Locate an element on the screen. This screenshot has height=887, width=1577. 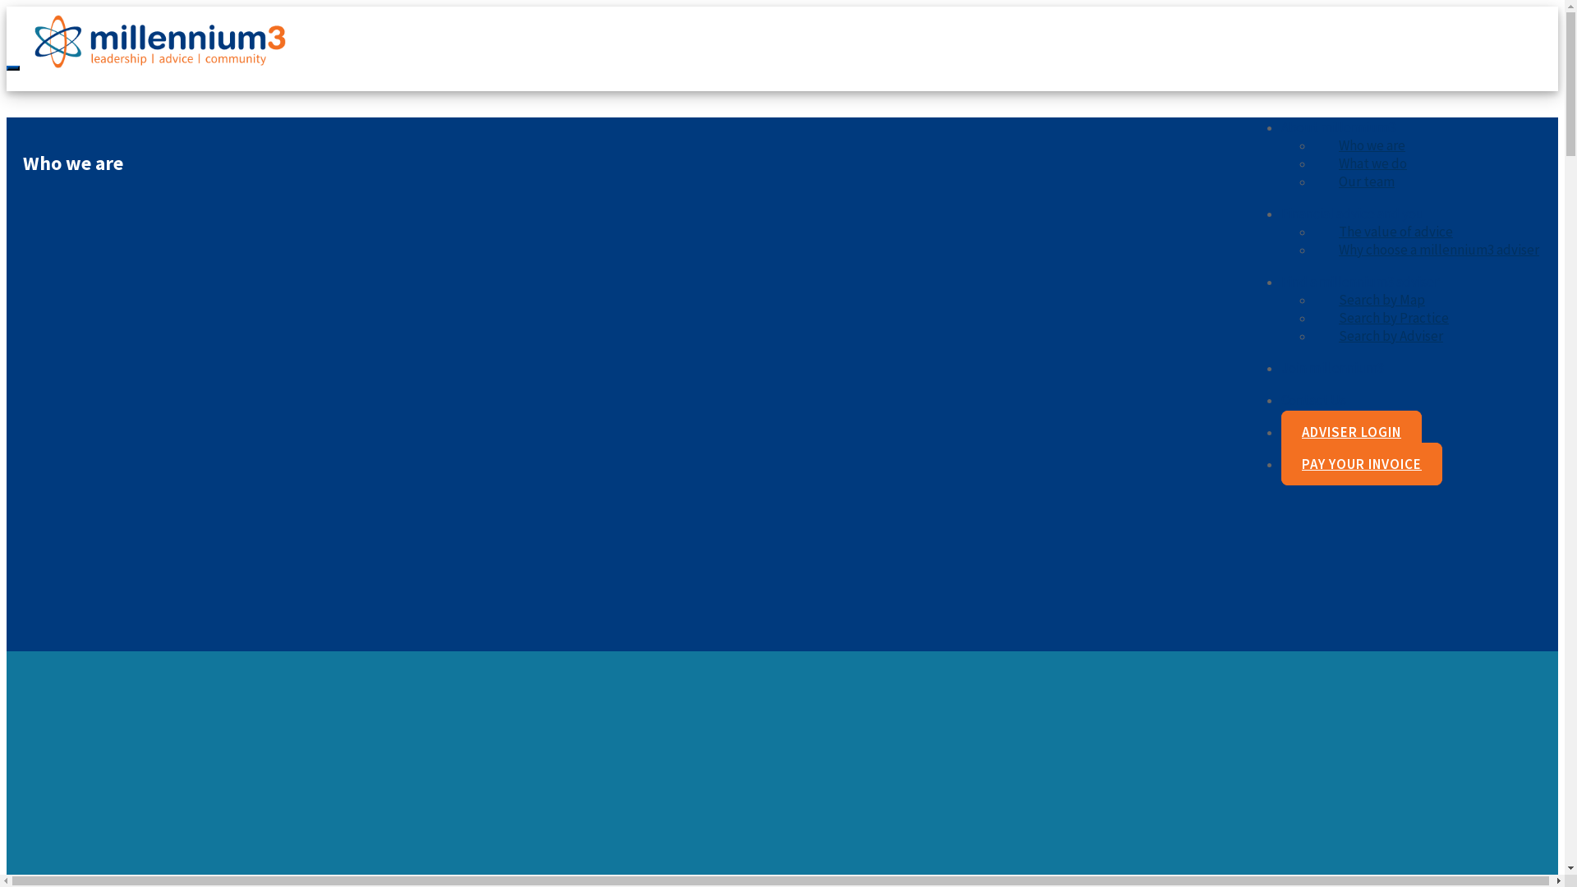
'Search by Practice' is located at coordinates (1393, 317).